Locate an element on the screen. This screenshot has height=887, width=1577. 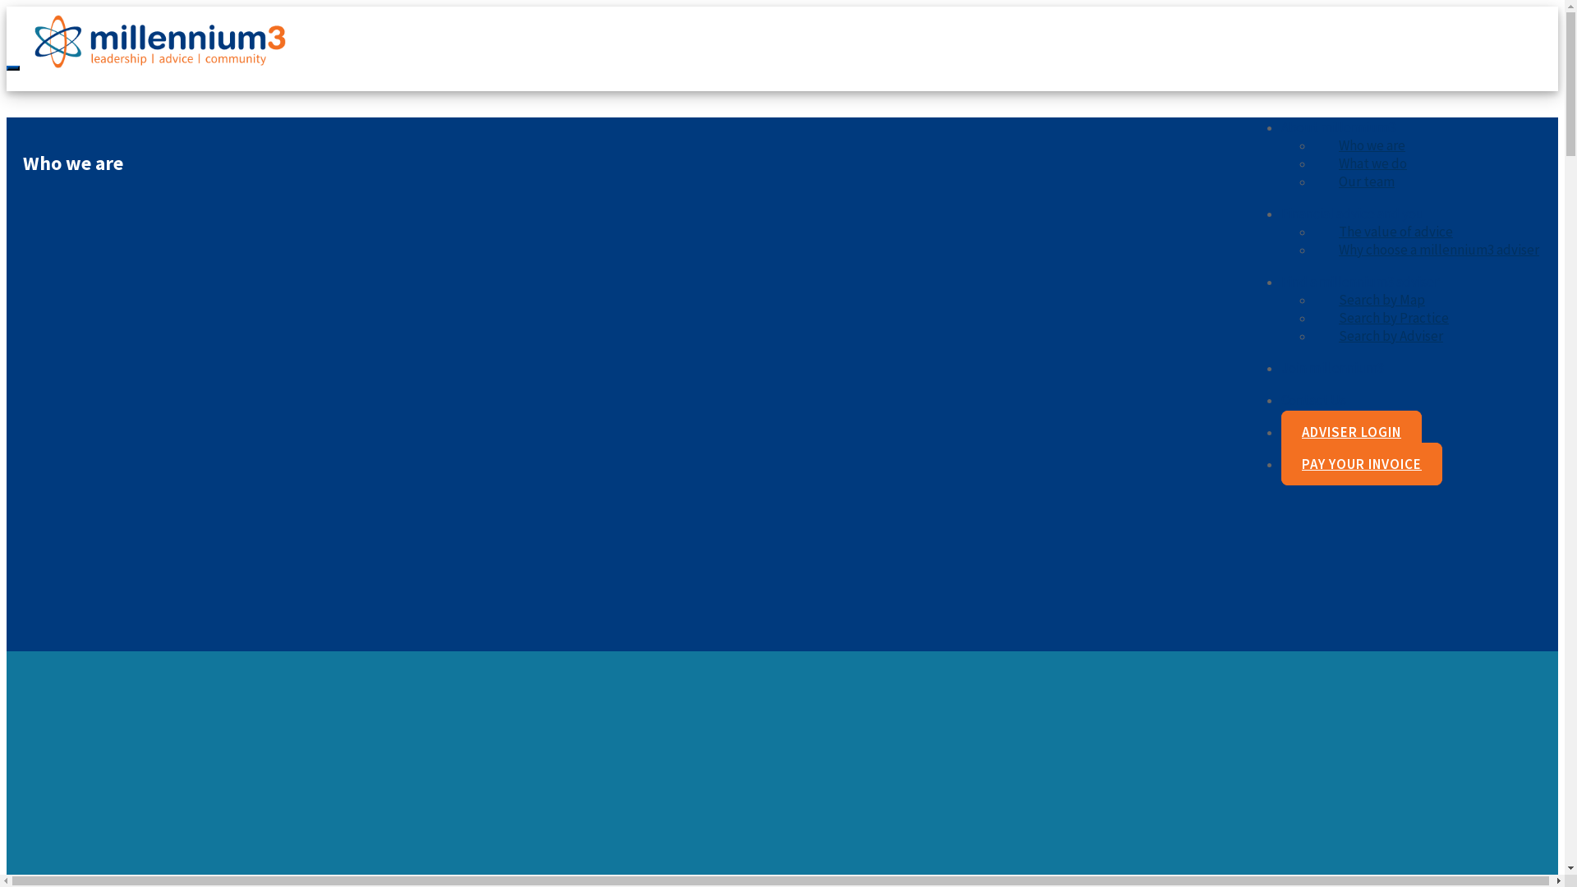
'Search by Practice' is located at coordinates (1393, 317).